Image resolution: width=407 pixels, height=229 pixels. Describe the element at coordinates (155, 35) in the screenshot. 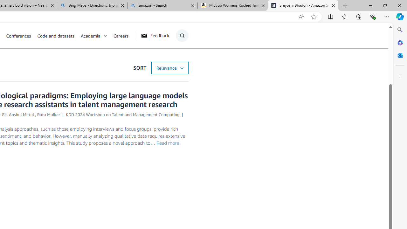

I see `'Feedback'` at that location.